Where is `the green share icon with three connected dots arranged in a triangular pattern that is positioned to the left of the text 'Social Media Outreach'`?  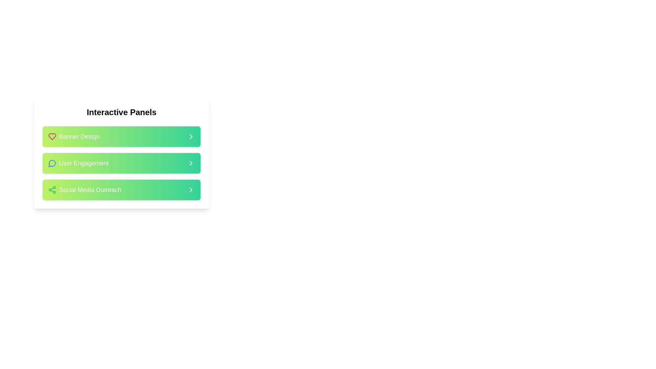
the green share icon with three connected dots arranged in a triangular pattern that is positioned to the left of the text 'Social Media Outreach' is located at coordinates (52, 190).